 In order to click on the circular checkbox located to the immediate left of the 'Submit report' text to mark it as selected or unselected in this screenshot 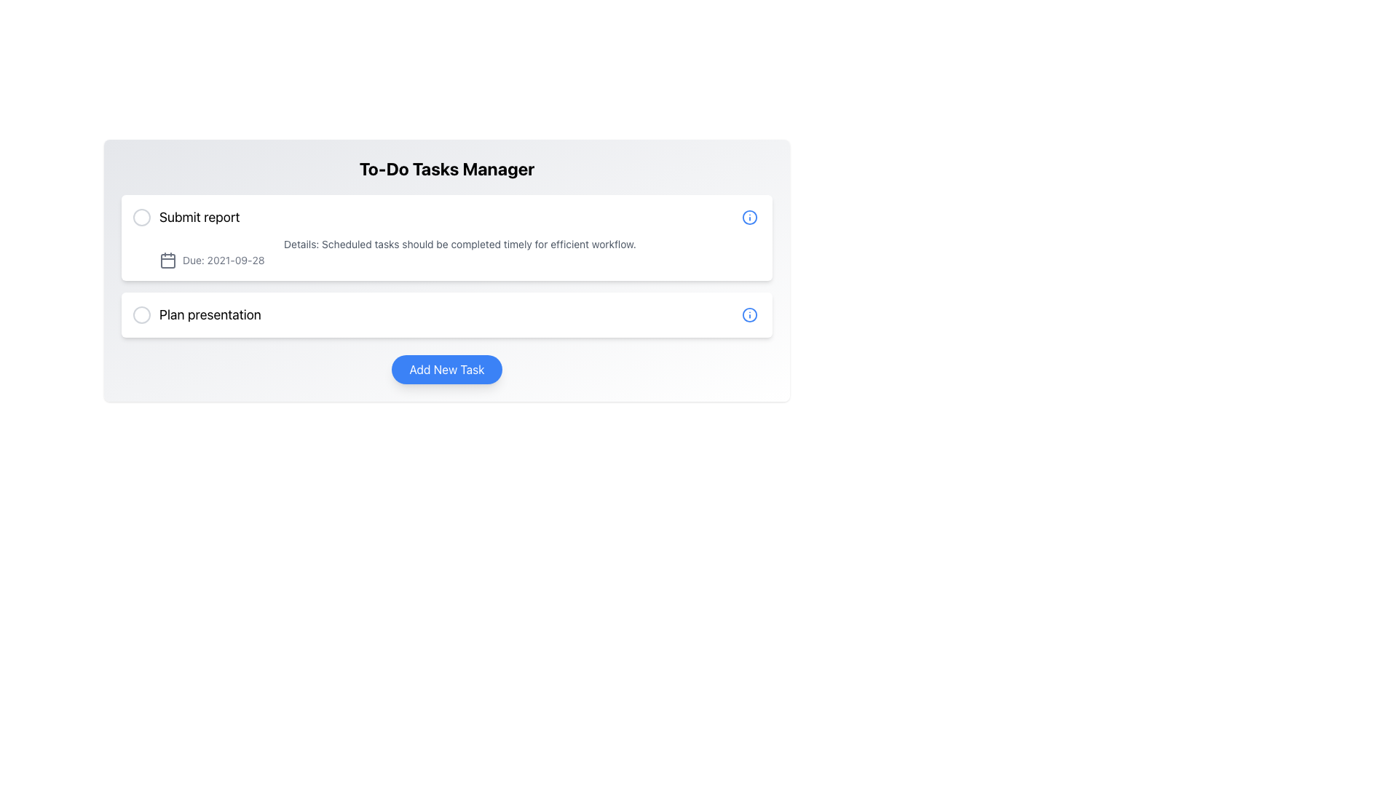, I will do `click(142, 218)`.